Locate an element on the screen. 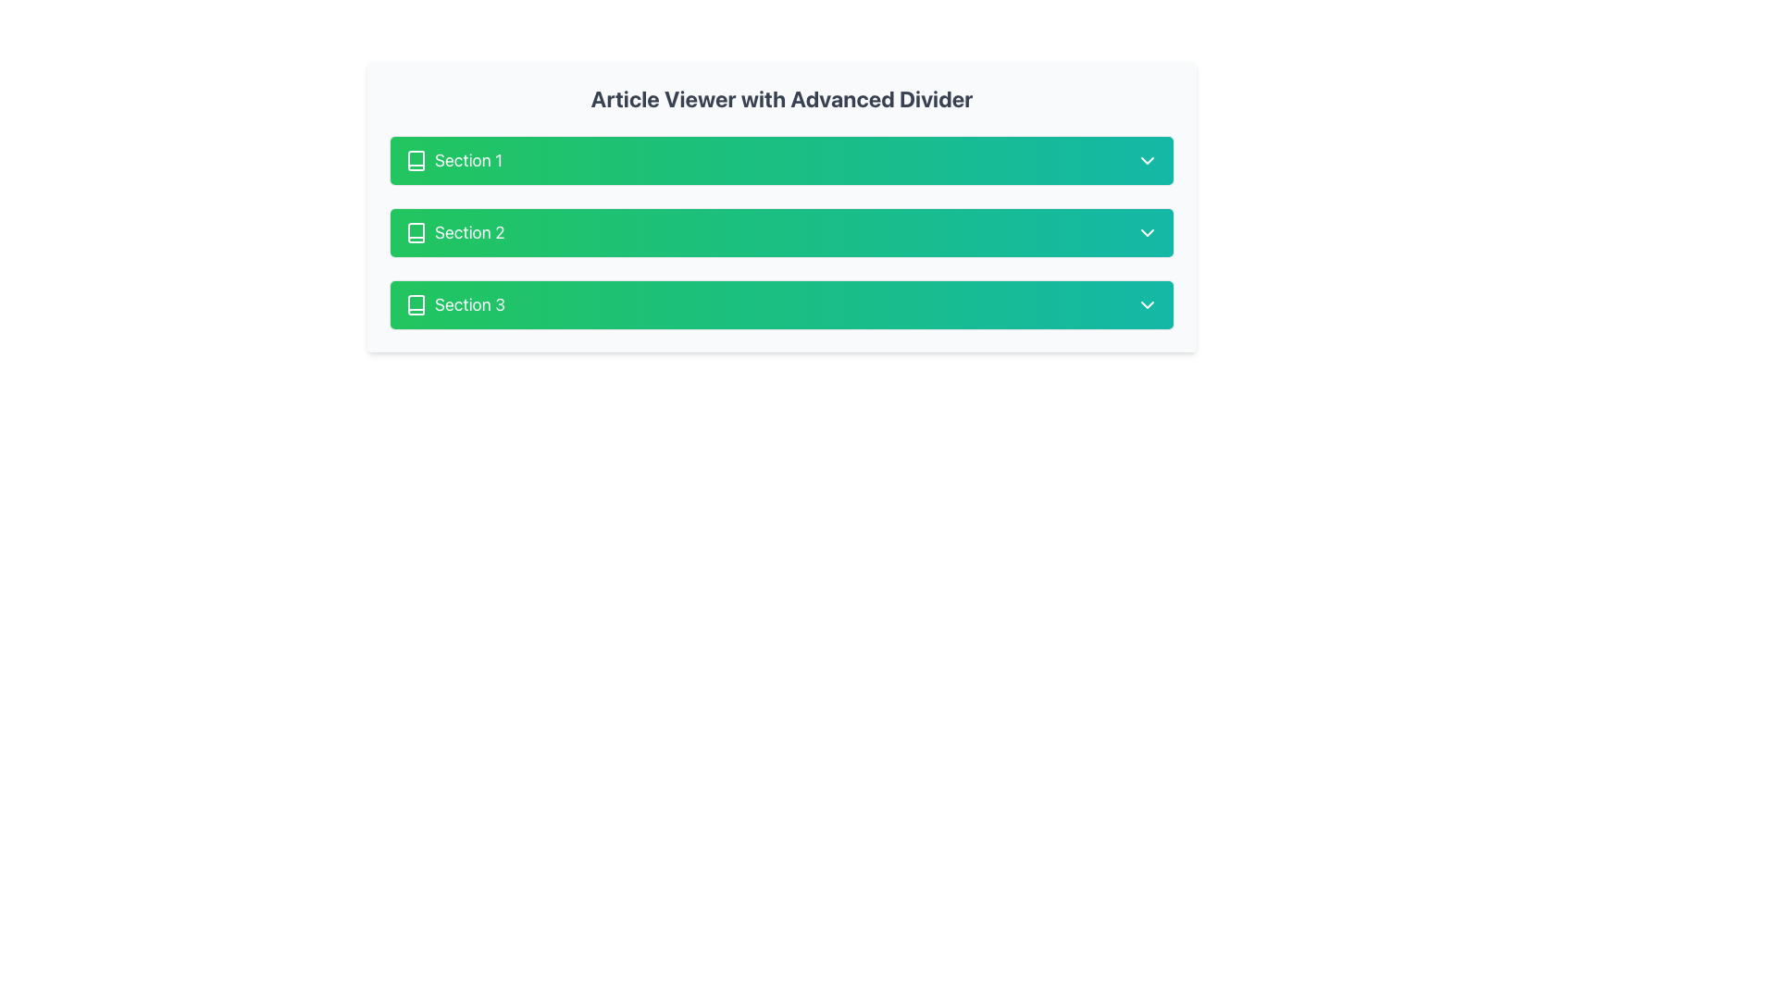 The image size is (1777, 999). the thin outline icon shaped like an open book, located to the far left of the text 'Section 3' in the vertically arranged list is located at coordinates (416, 304).